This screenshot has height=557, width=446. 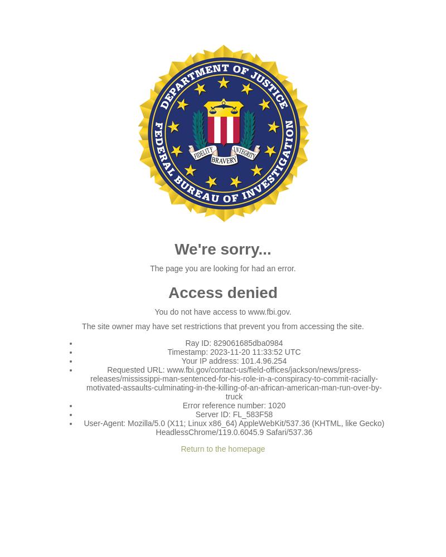 What do you see at coordinates (81, 326) in the screenshot?
I see `'The site owner may have set restrictions that prevent you from accessing the site.'` at bounding box center [81, 326].